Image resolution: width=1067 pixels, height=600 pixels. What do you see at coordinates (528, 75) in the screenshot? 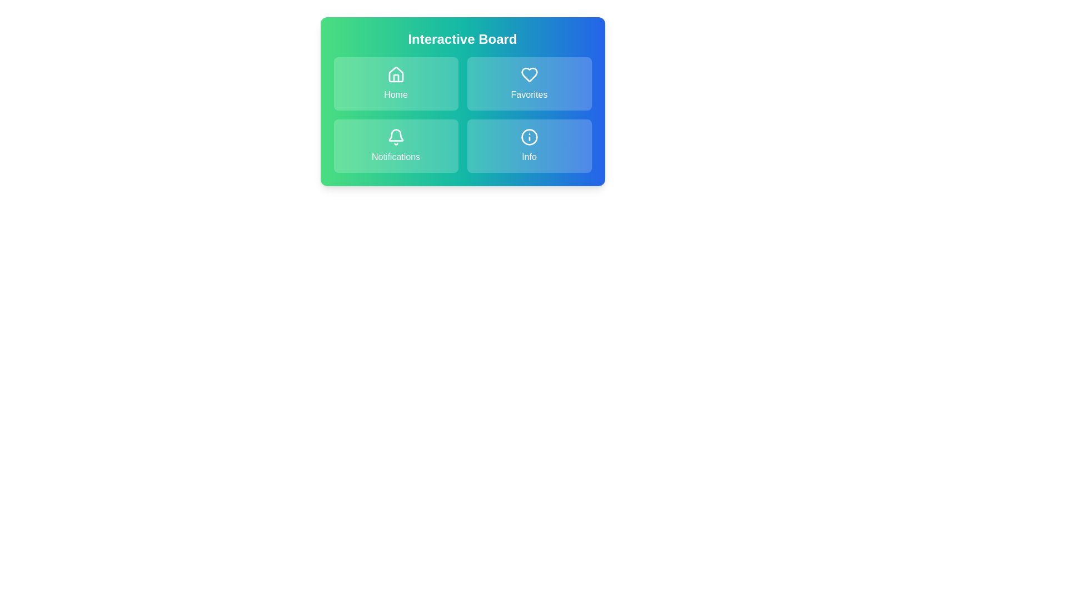
I see `the heart-shaped icon with a white outline located in the second column of the first row under the 'Interactive Board' heading` at bounding box center [528, 75].